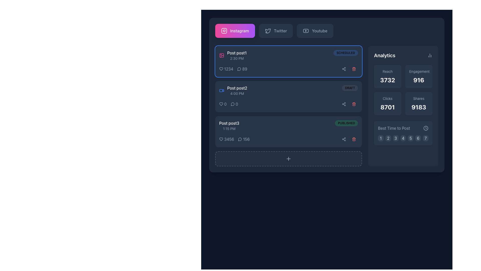 The image size is (481, 271). Describe the element at coordinates (425, 128) in the screenshot. I see `the small circular clock icon located in the 'Analytics' section next to the 'Best Time to Post' label` at that location.